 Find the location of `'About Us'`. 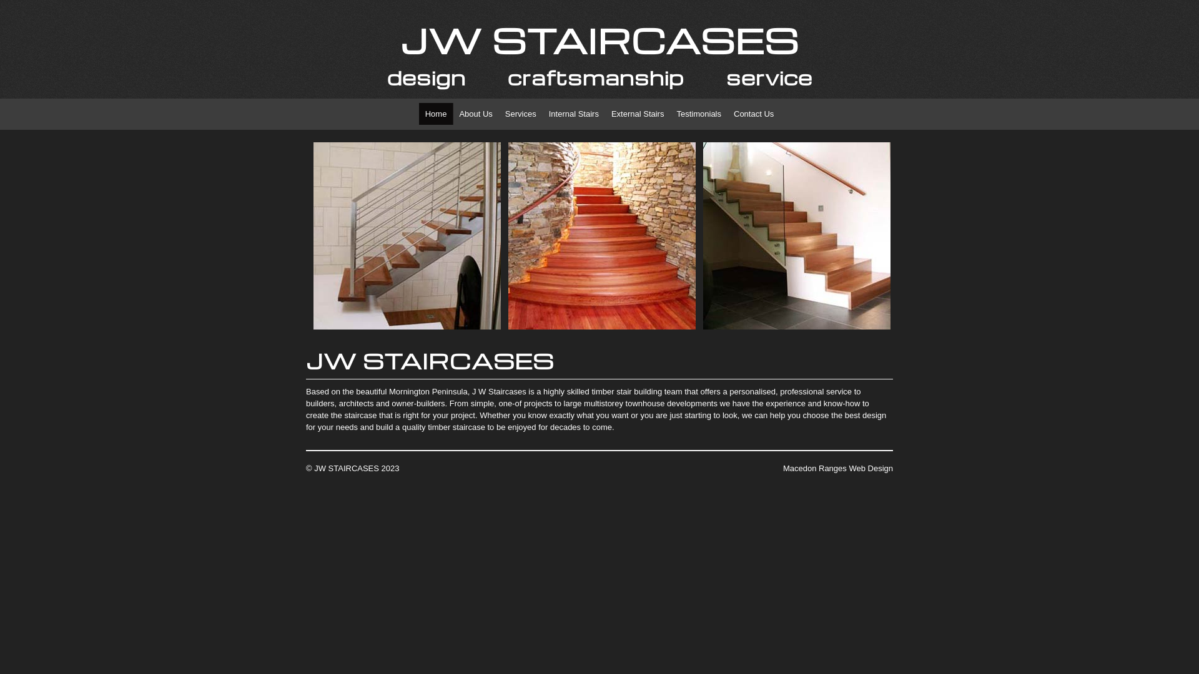

'About Us' is located at coordinates (475, 114).